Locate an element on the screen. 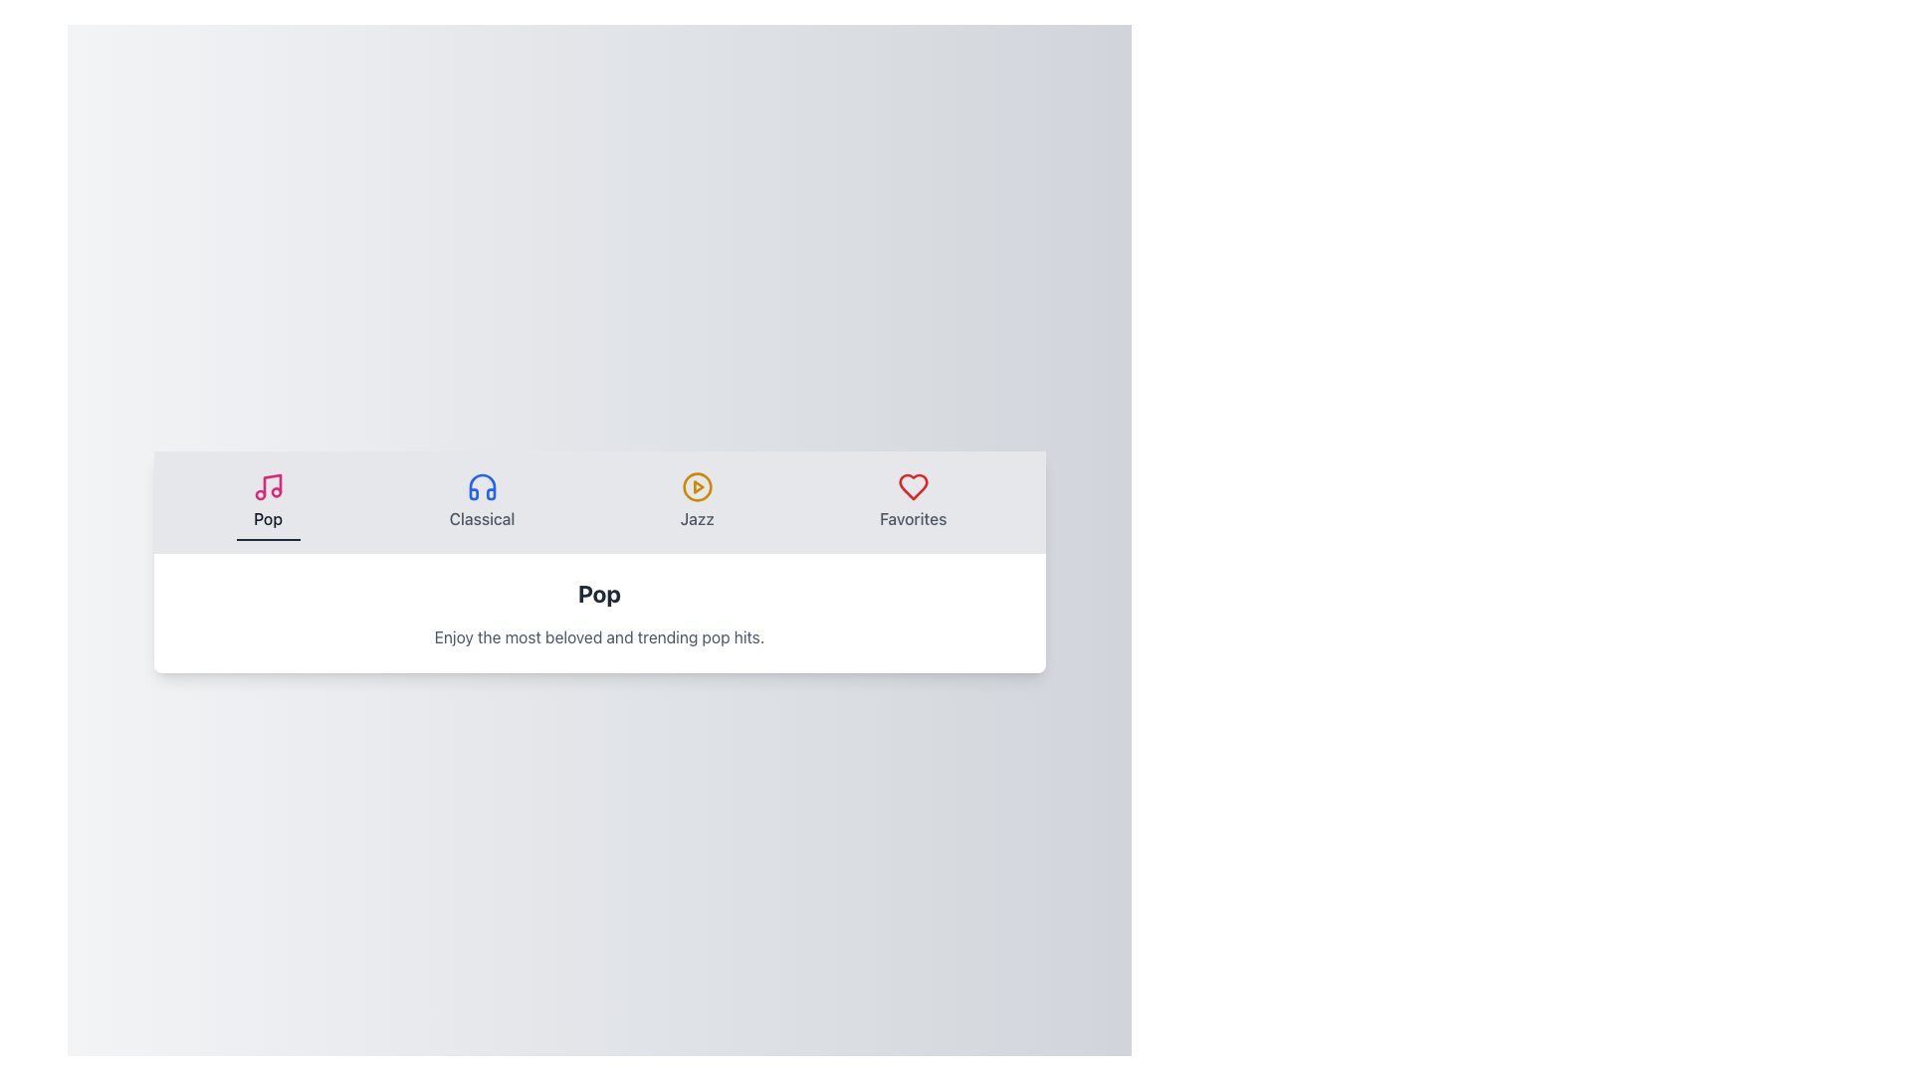  the 'Pop' music category icon located at the top center of the interface in the navigation bar, which is the first element among the categories 'Pop,' 'Classical,' 'Jazz,' and 'Favorites.' is located at coordinates (267, 486).